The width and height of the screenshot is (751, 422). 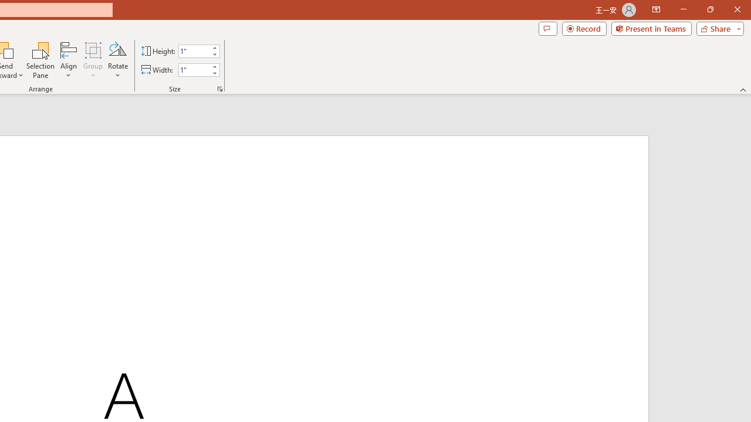 What do you see at coordinates (40, 60) in the screenshot?
I see `'Selection Pane...'` at bounding box center [40, 60].